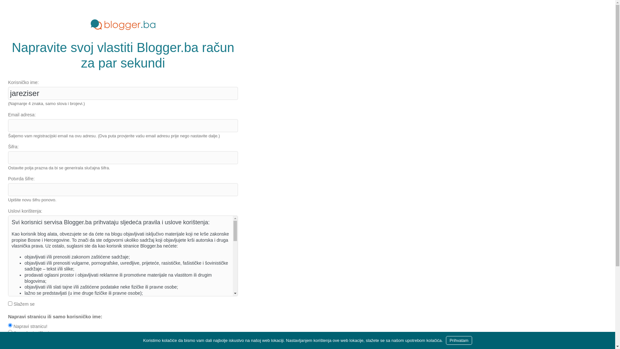 Image resolution: width=620 pixels, height=349 pixels. I want to click on 'Prihvatam', so click(459, 340).